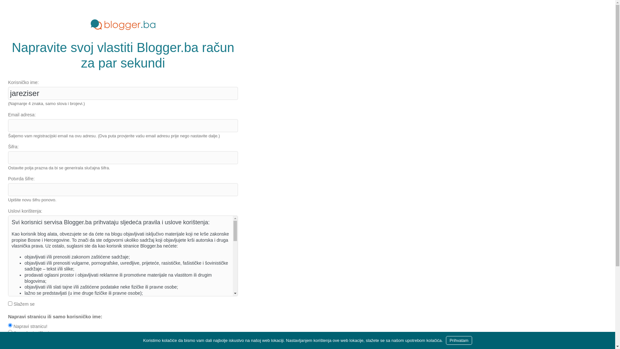 Image resolution: width=620 pixels, height=349 pixels. I want to click on 'Prihvatam', so click(459, 340).